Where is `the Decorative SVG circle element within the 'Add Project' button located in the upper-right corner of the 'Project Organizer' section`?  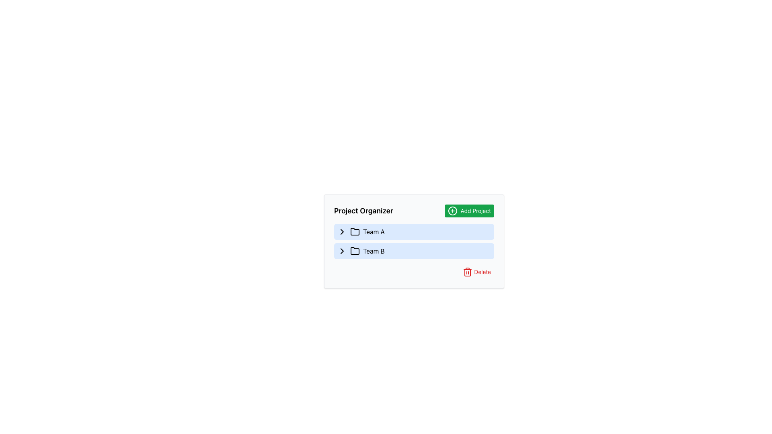 the Decorative SVG circle element within the 'Add Project' button located in the upper-right corner of the 'Project Organizer' section is located at coordinates (452, 210).